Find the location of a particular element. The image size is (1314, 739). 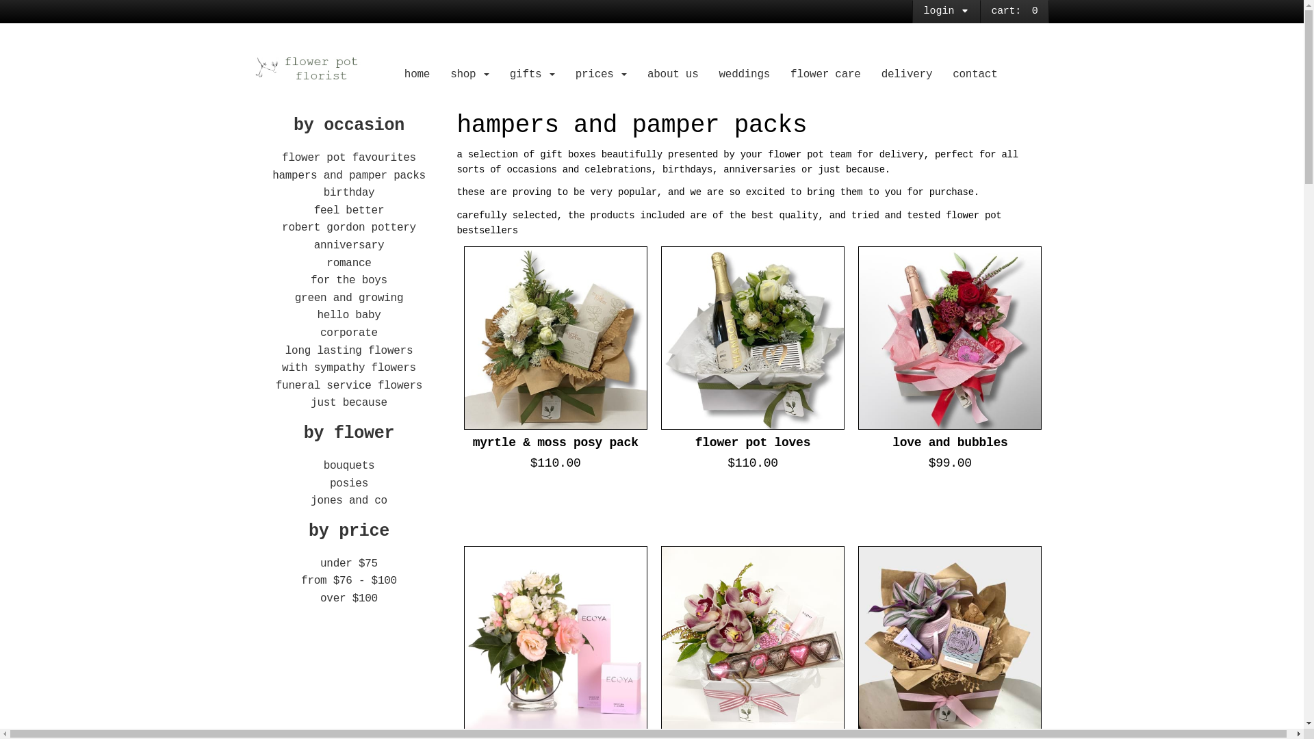

'gifts' is located at coordinates (531, 74).